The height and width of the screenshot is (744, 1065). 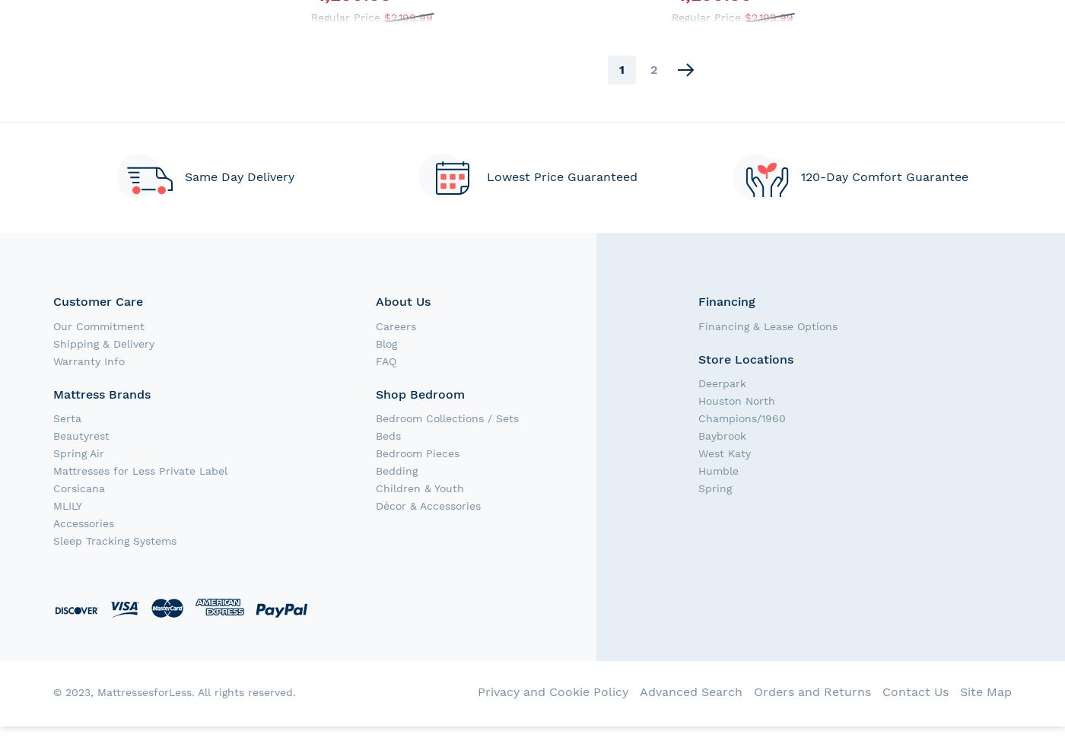 I want to click on 'Site Map', so click(x=985, y=691).